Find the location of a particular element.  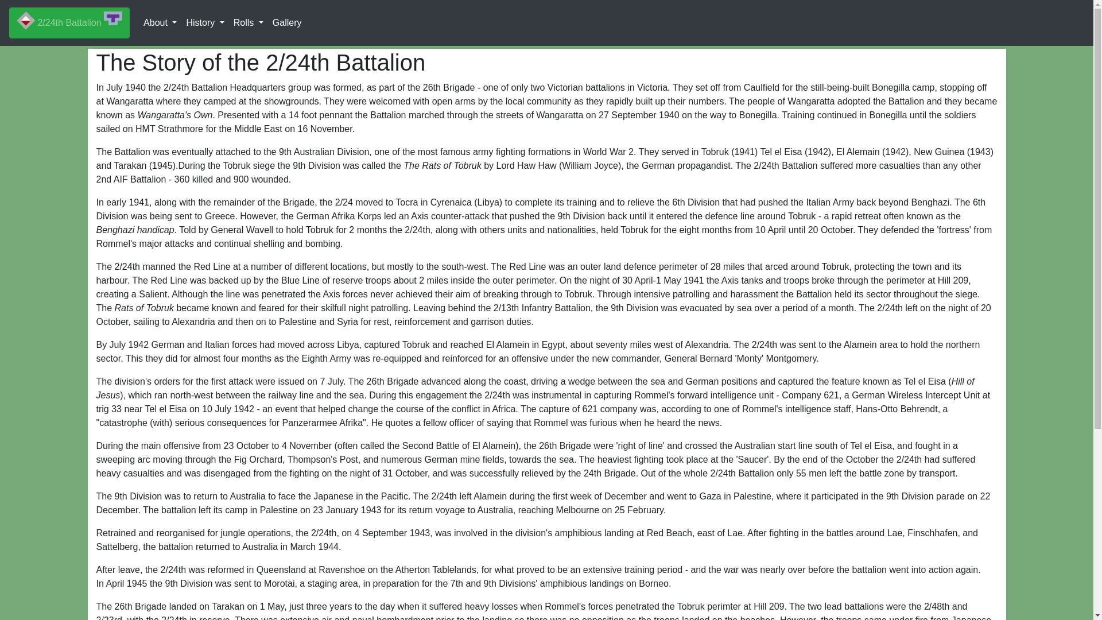

'2/24th Battalion' is located at coordinates (68, 22).